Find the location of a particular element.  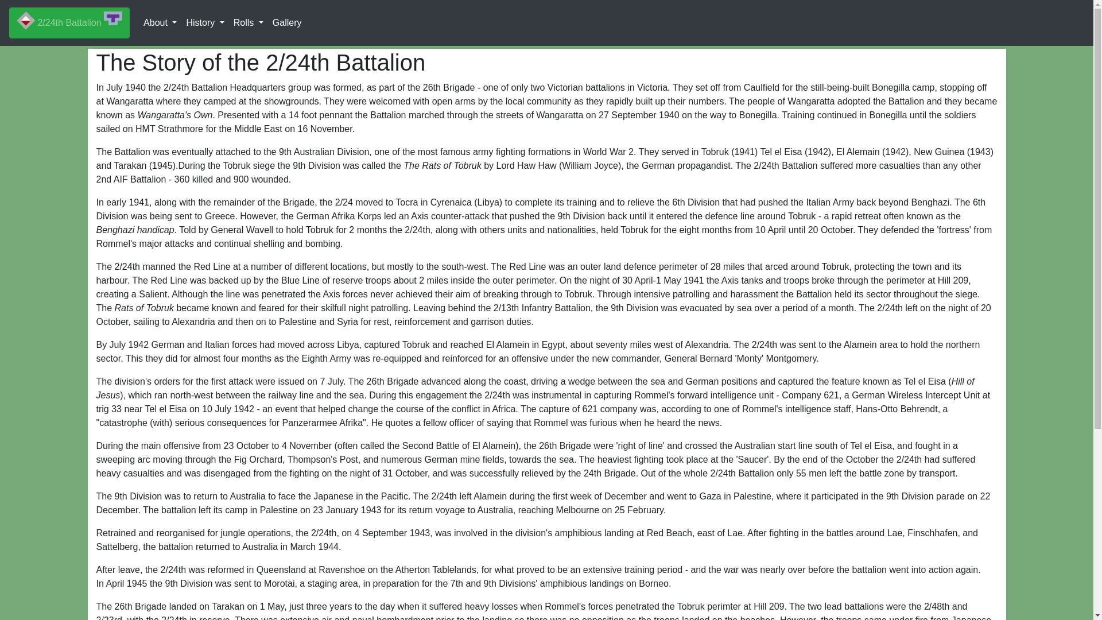

'2/24th Battalion' is located at coordinates (68, 22).